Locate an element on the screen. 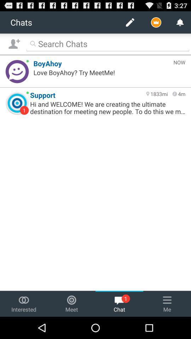  the chat option is located at coordinates (119, 303).